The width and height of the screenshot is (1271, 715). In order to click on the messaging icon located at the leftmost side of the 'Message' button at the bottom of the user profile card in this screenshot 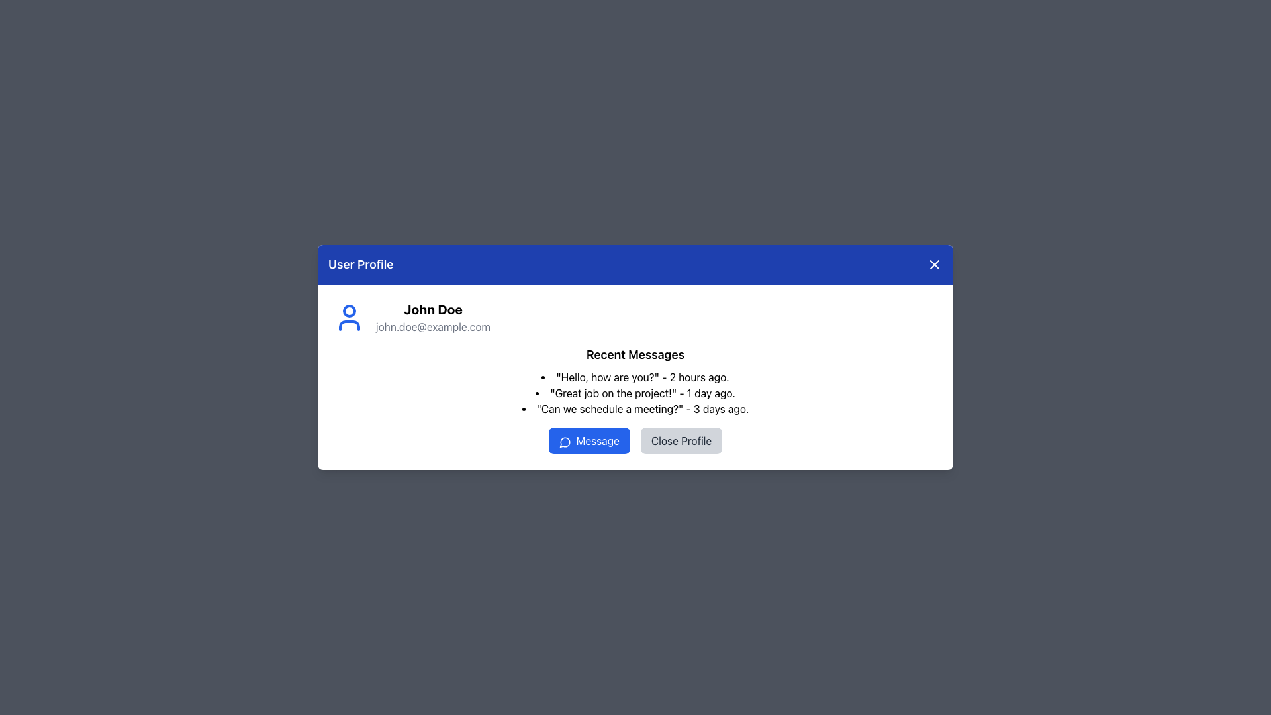, I will do `click(565, 442)`.